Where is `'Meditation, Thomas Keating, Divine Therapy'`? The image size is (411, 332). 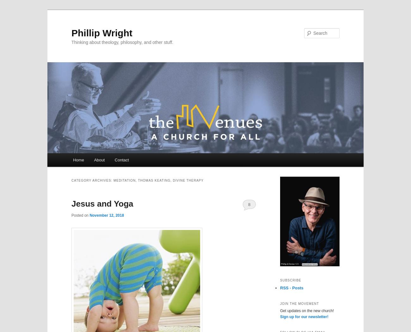
'Meditation, Thomas Keating, Divine Therapy' is located at coordinates (158, 180).